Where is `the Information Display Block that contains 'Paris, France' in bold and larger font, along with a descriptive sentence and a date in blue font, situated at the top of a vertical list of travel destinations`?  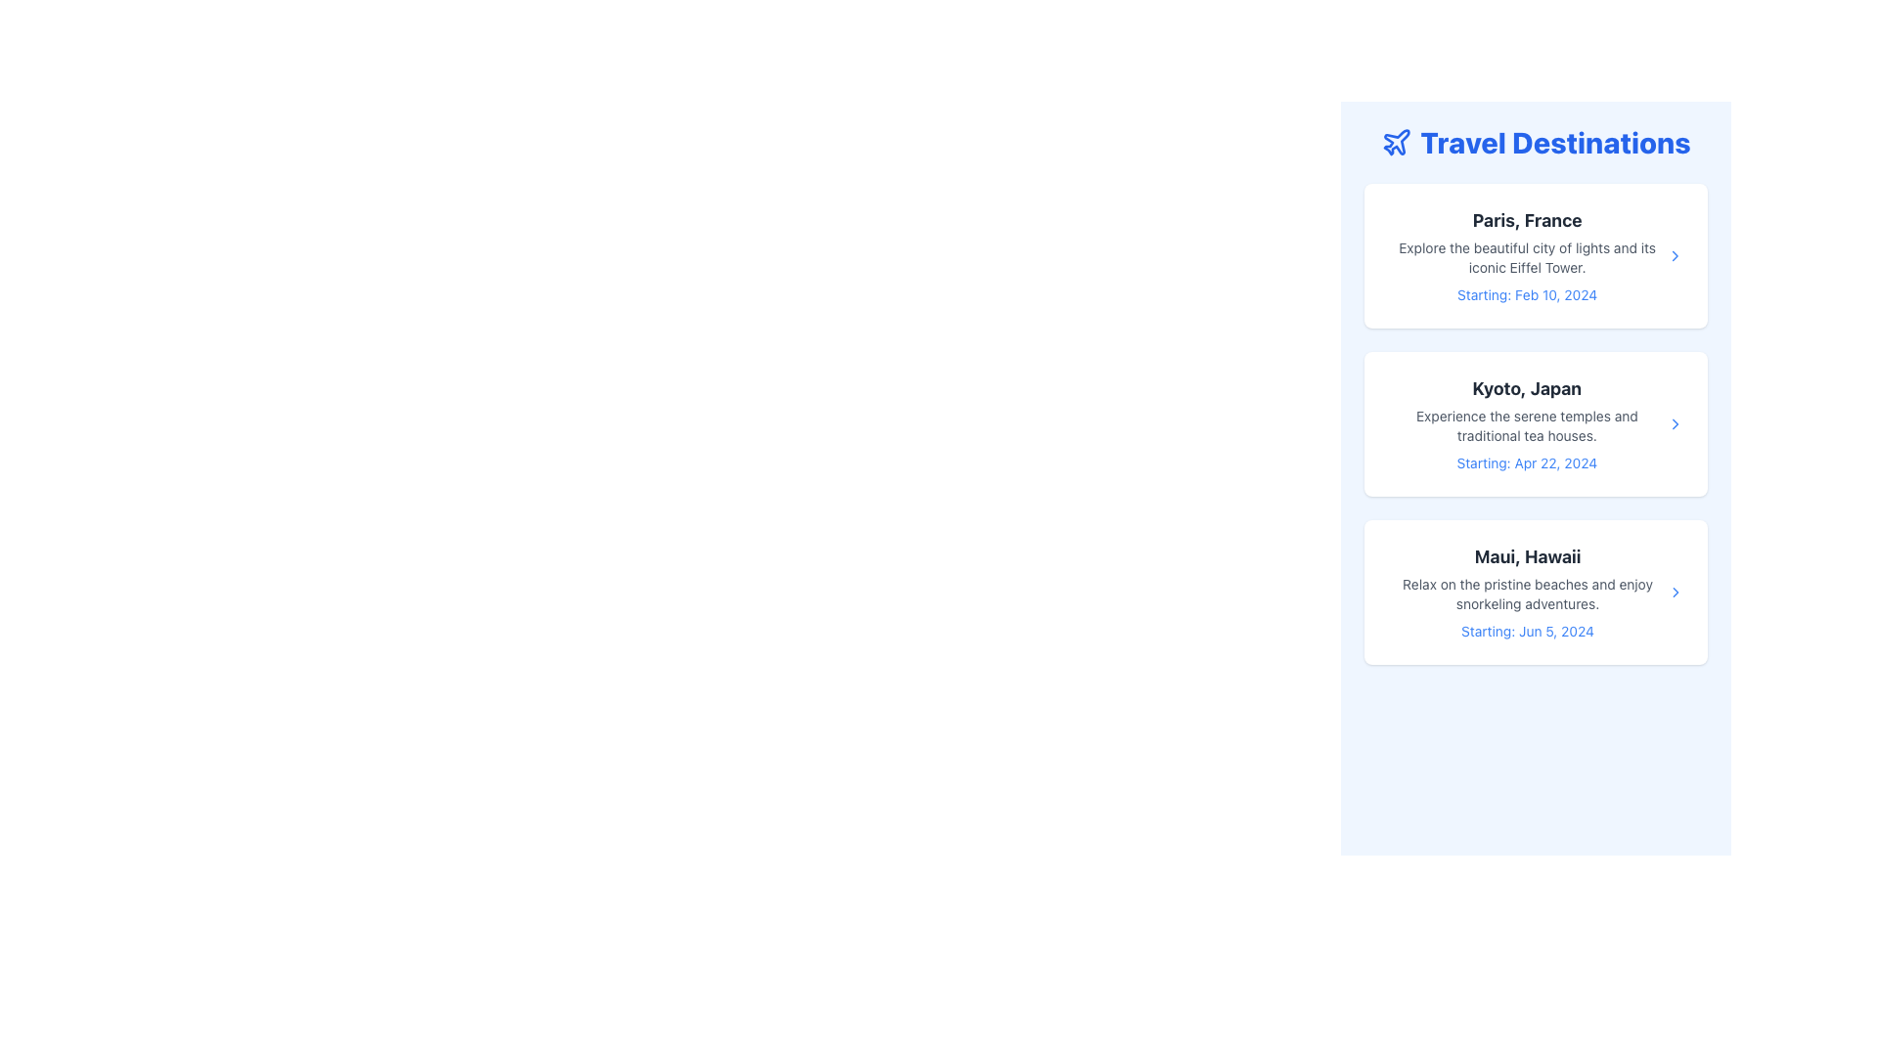
the Information Display Block that contains 'Paris, France' in bold and larger font, along with a descriptive sentence and a date in blue font, situated at the top of a vertical list of travel destinations is located at coordinates (1526, 255).